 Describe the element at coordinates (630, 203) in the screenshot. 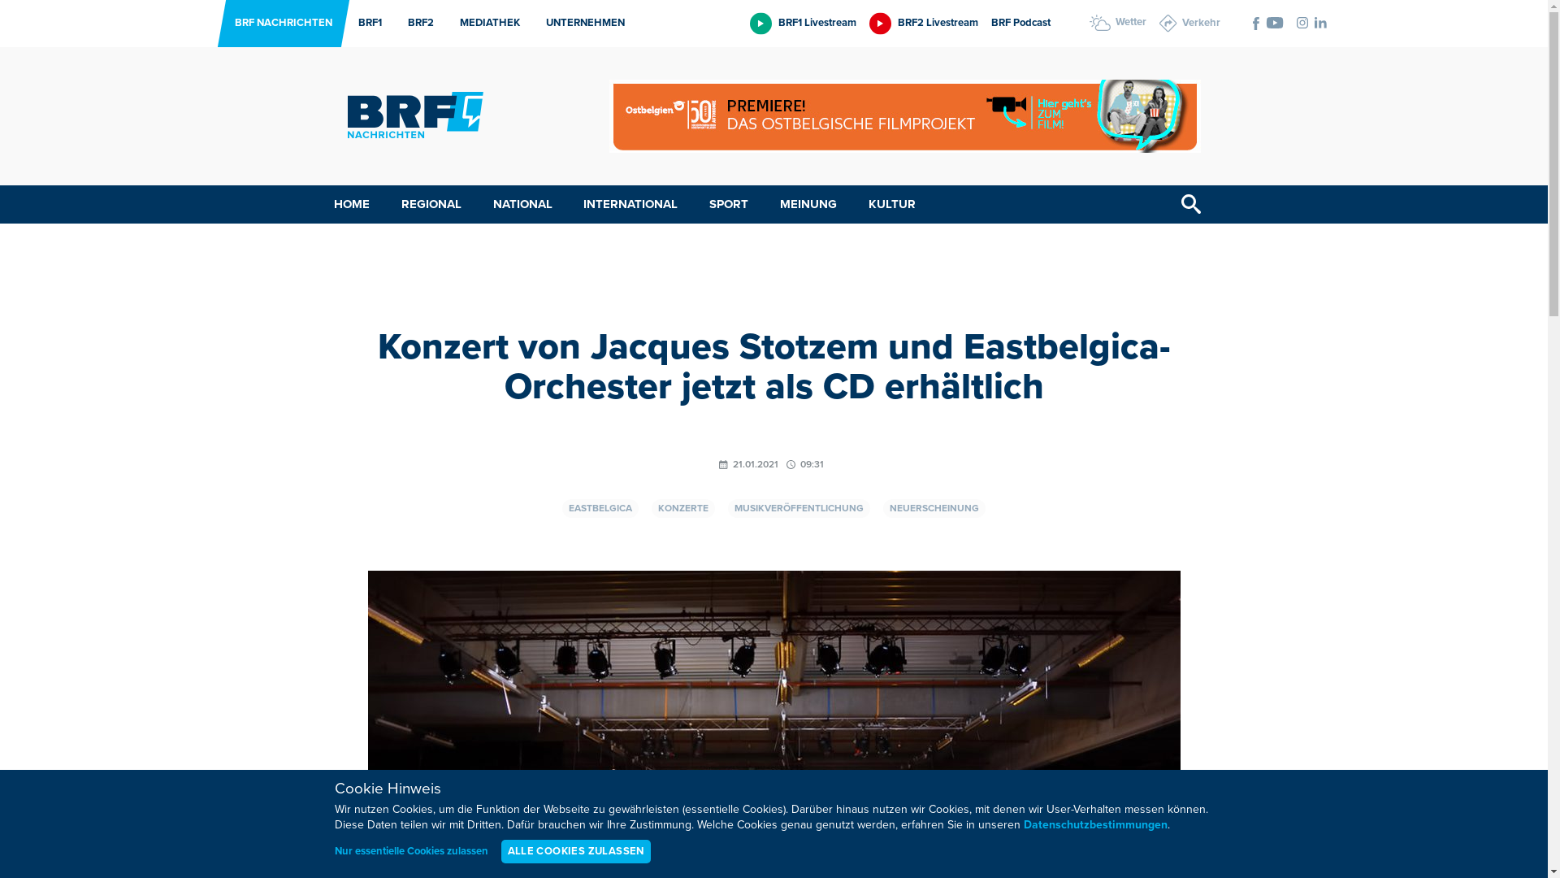

I see `'INTERNATIONAL'` at that location.